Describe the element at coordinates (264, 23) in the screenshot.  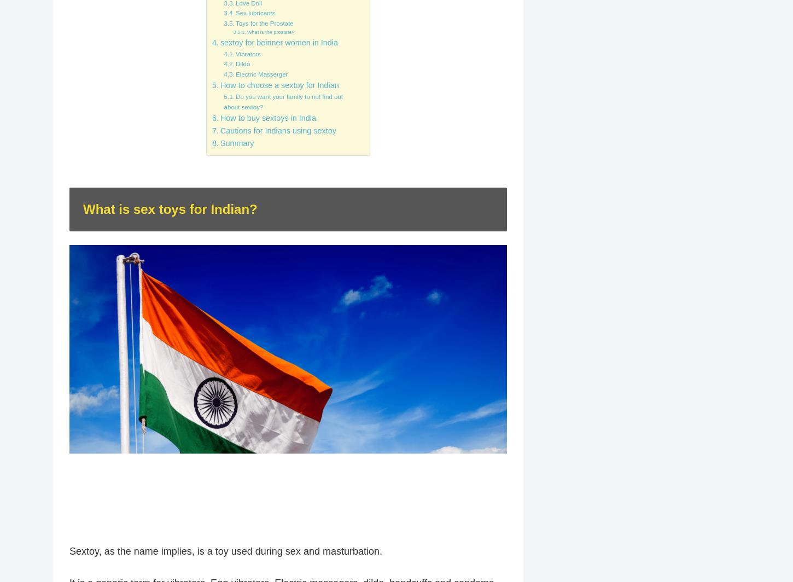
I see `'Toys for the Prostate'` at that location.